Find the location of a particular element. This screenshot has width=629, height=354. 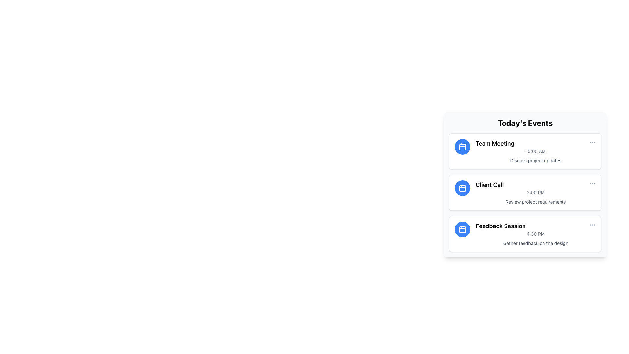

the horizontal three-dot menu icon located to the right of the 'Client Call' event title in the 'Today's Events' interface is located at coordinates (593, 183).